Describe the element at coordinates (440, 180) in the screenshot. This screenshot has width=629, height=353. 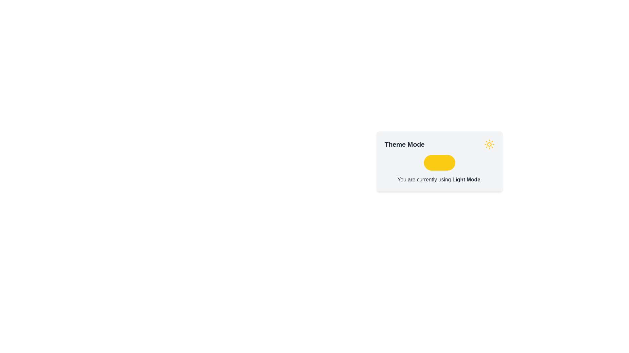
I see `text displayed in the text block stating 'You are currently using Light Mode.' positioned below the theme selection toggle switch` at that location.